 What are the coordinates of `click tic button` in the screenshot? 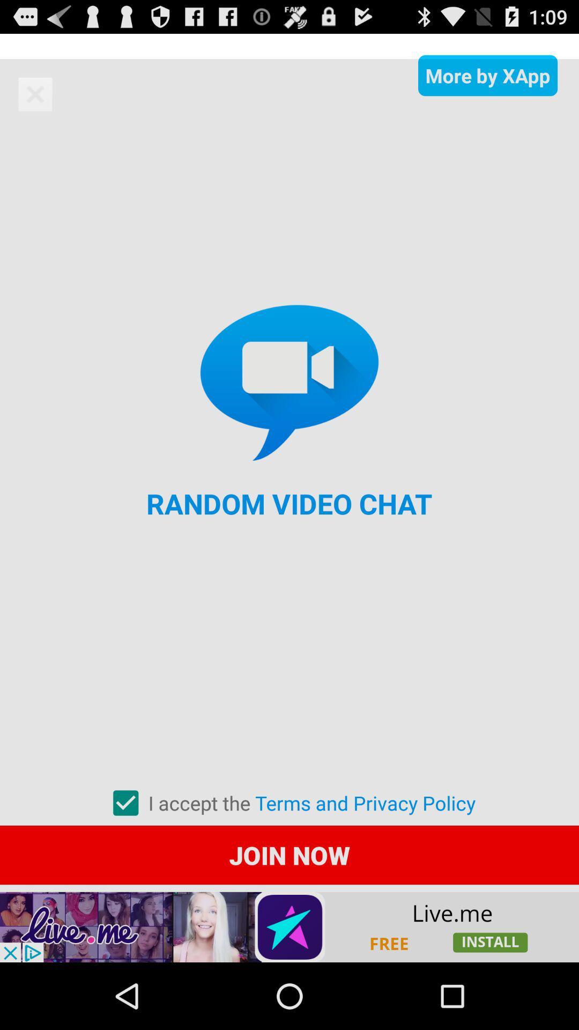 It's located at (125, 803).